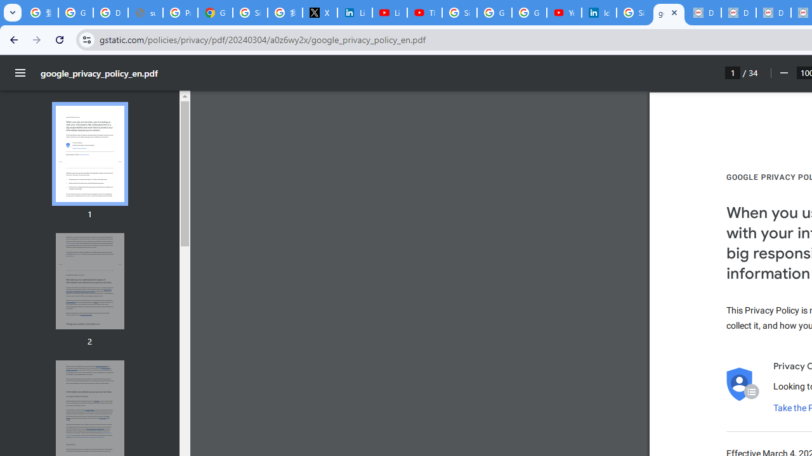 This screenshot has width=812, height=456. I want to click on 'Thumbnail for page 1', so click(89, 153).